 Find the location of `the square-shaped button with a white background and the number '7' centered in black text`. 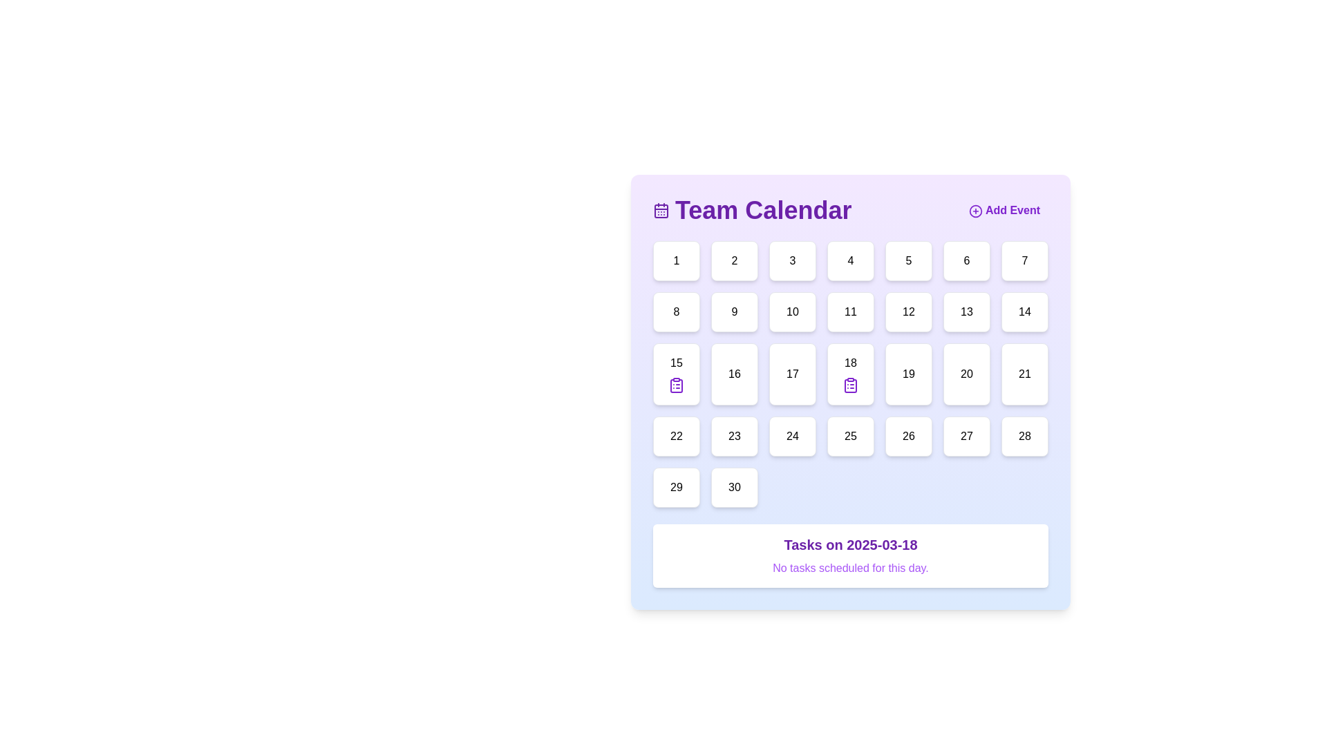

the square-shaped button with a white background and the number '7' centered in black text is located at coordinates (1025, 261).